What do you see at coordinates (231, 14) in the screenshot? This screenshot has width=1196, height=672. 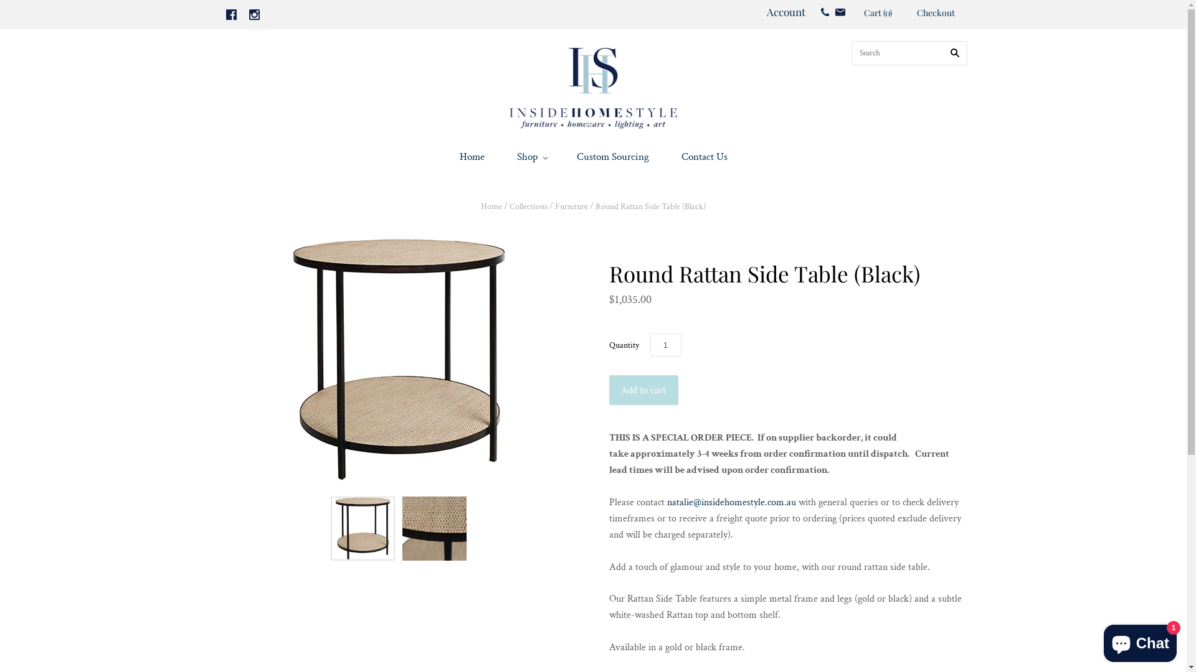 I see `'Facebook'` at bounding box center [231, 14].